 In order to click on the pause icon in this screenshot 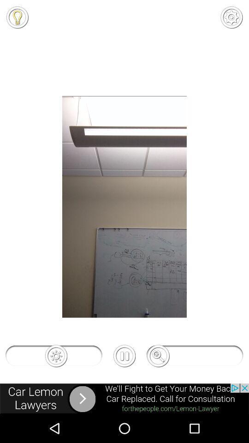, I will do `click(125, 355)`.